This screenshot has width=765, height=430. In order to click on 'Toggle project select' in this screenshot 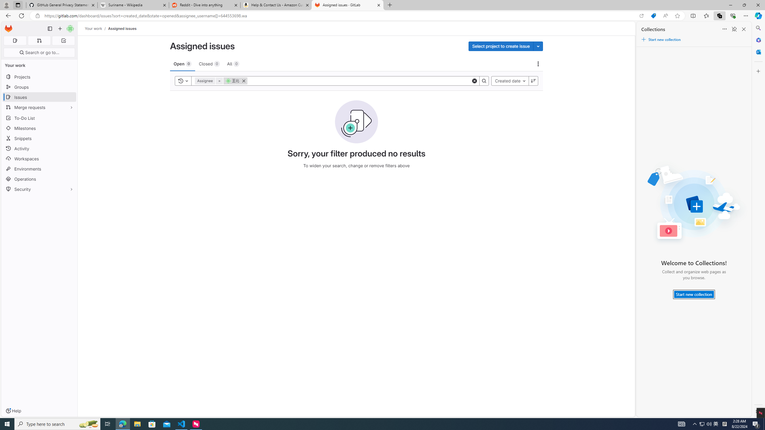, I will do `click(538, 46)`.